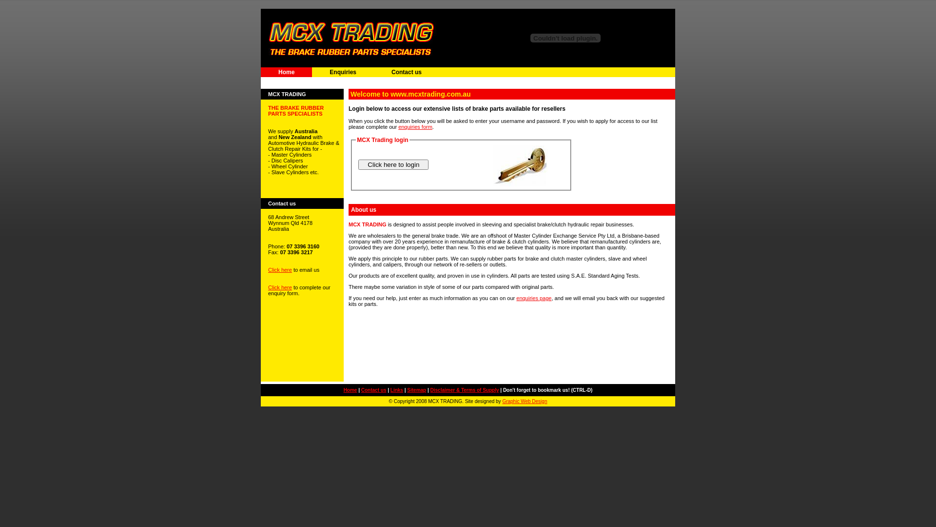 Image resolution: width=936 pixels, height=527 pixels. What do you see at coordinates (344, 389) in the screenshot?
I see `'Home'` at bounding box center [344, 389].